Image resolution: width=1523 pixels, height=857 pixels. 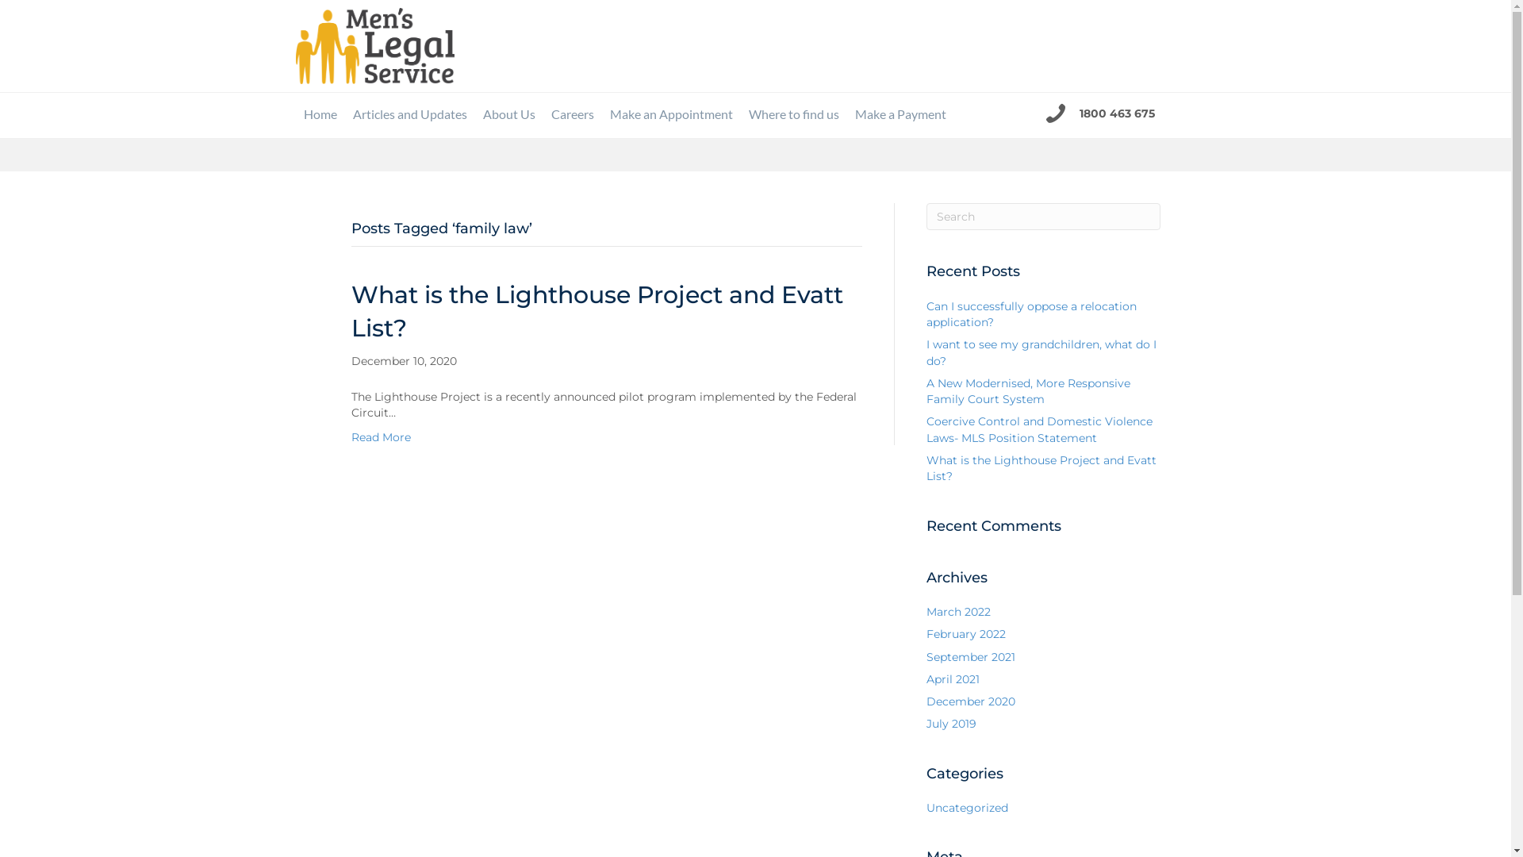 What do you see at coordinates (571, 113) in the screenshot?
I see `'Careers'` at bounding box center [571, 113].